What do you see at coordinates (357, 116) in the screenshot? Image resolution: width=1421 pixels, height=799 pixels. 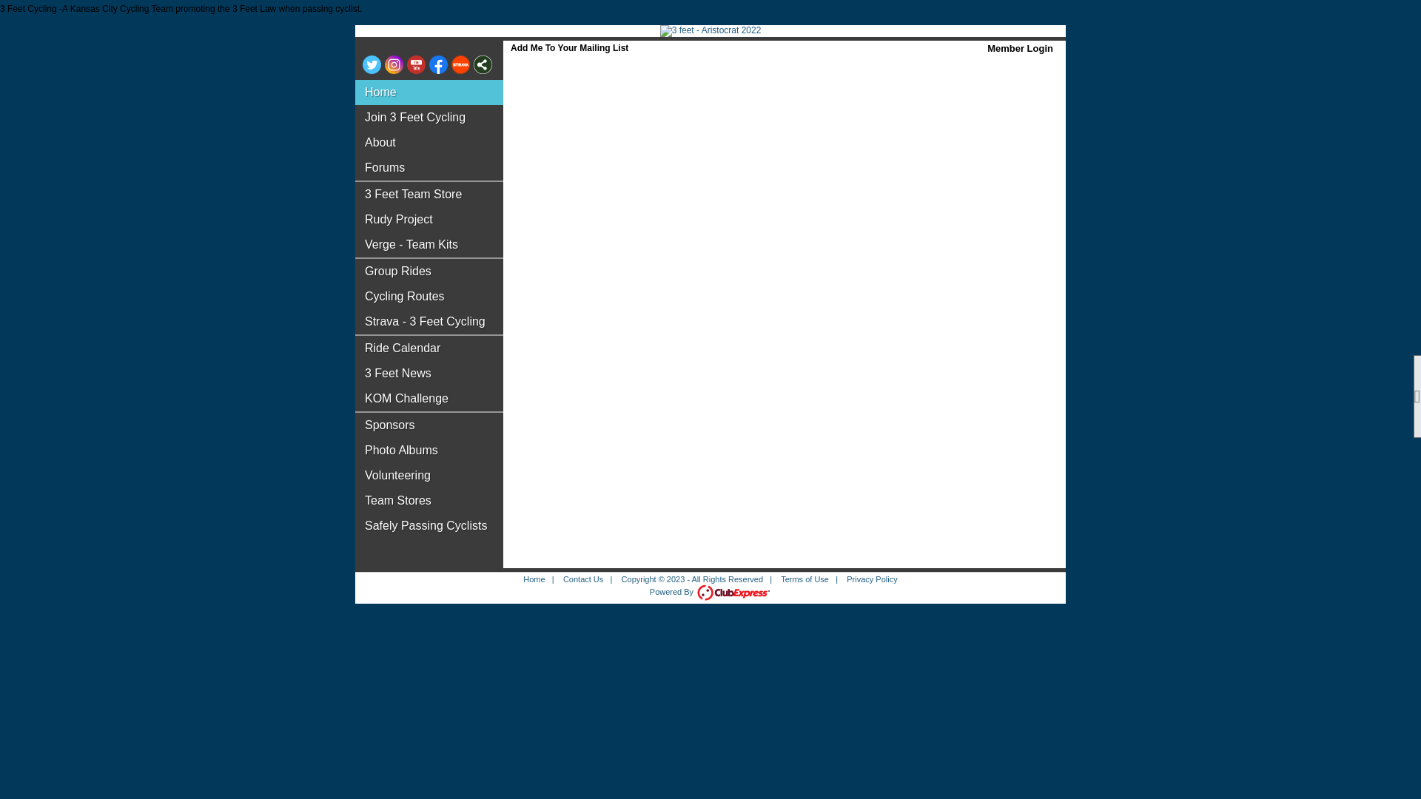 I see `'Join 3 Feet Cycling'` at bounding box center [357, 116].